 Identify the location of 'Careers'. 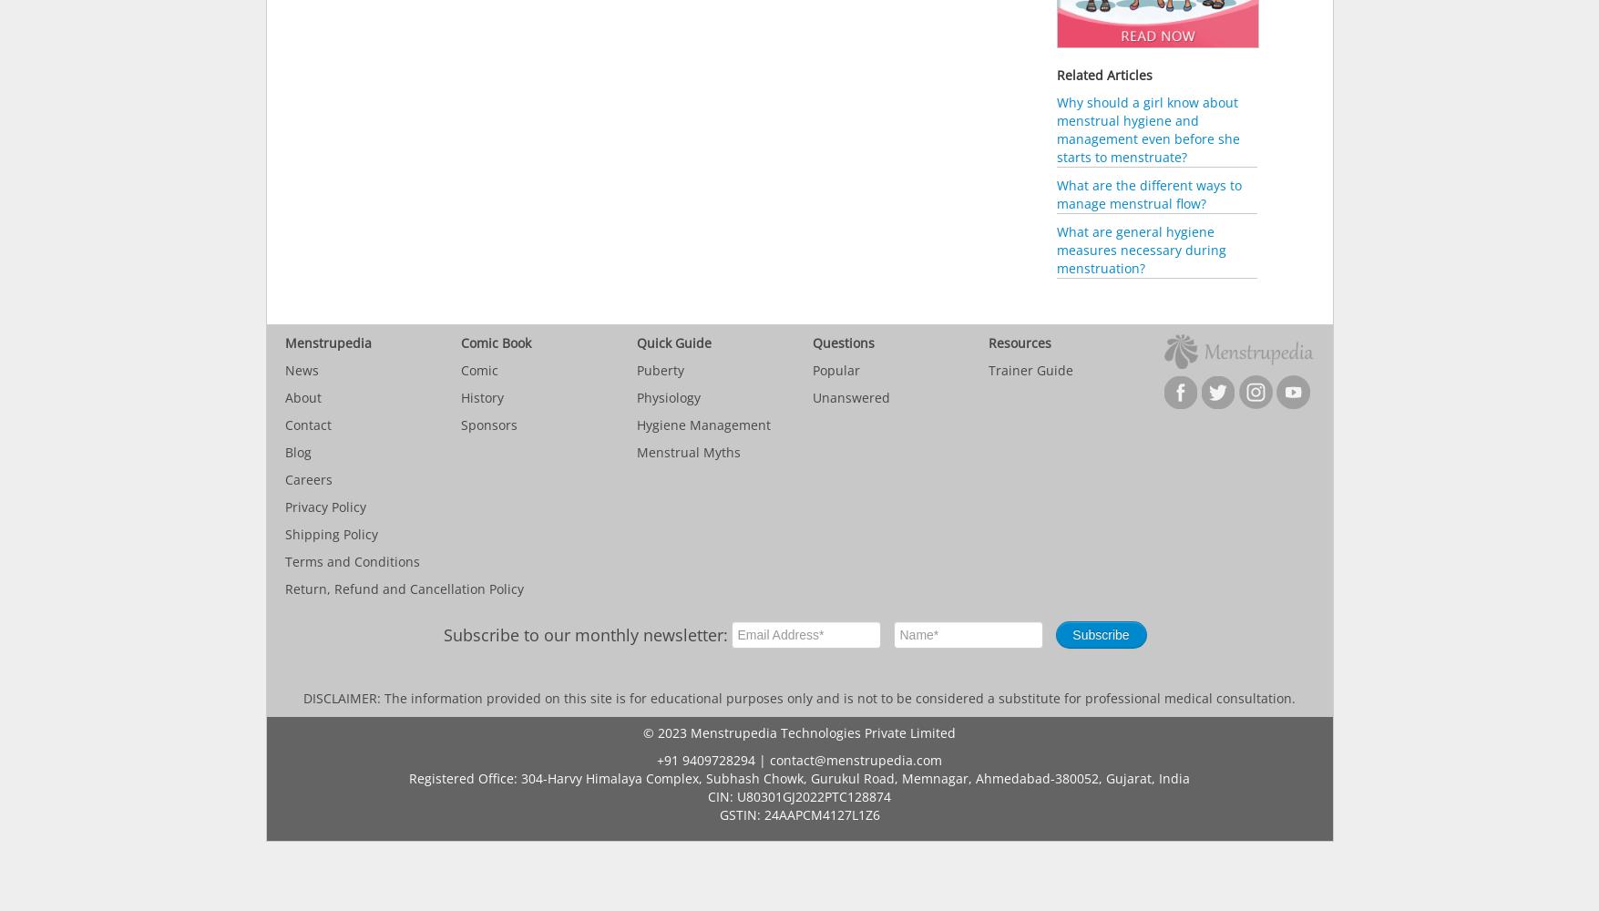
(307, 479).